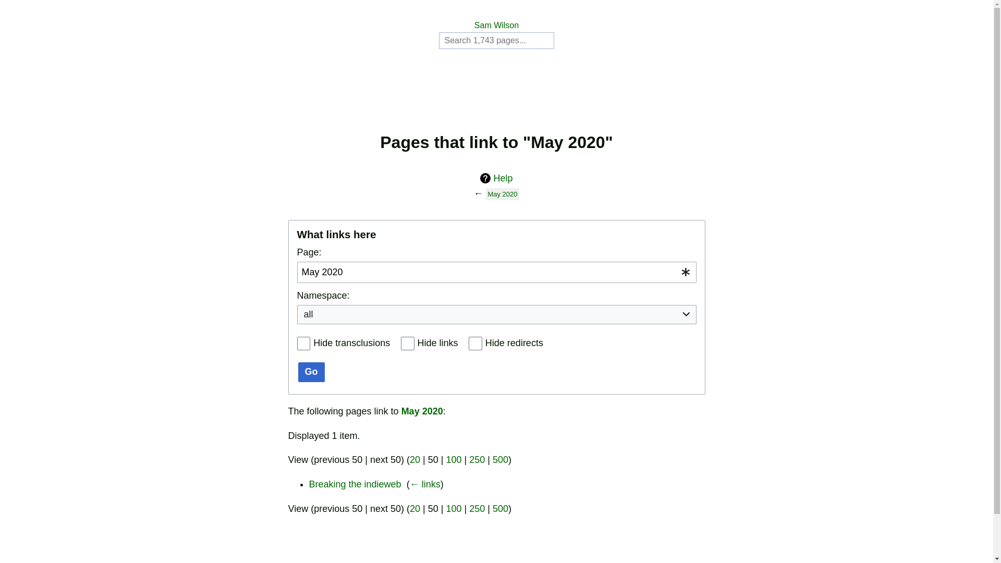  Describe the element at coordinates (414, 459) in the screenshot. I see `'20'` at that location.